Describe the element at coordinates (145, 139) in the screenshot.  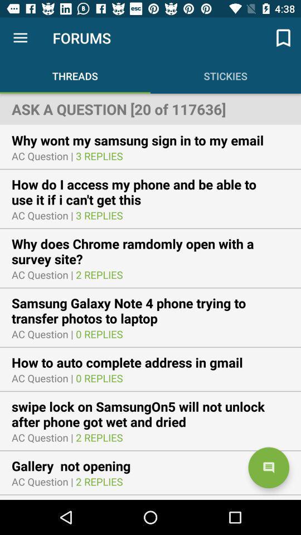
I see `why wont my` at that location.